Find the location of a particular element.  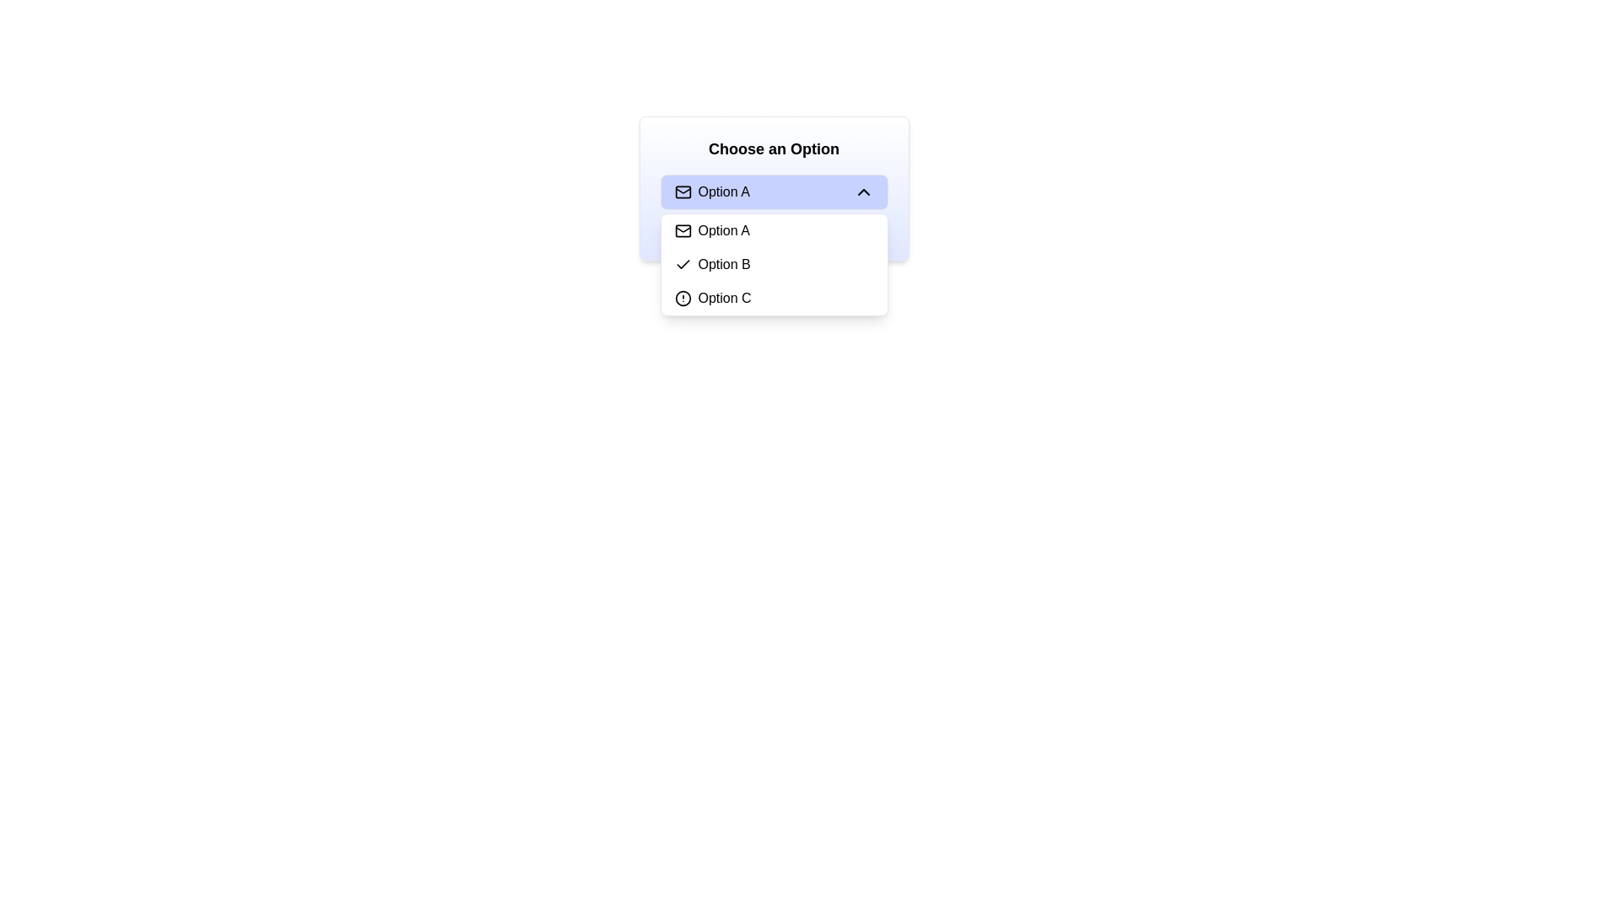

the Chevron Icon located on the right edge of the 'Option A' interactive region is located at coordinates (863, 191).